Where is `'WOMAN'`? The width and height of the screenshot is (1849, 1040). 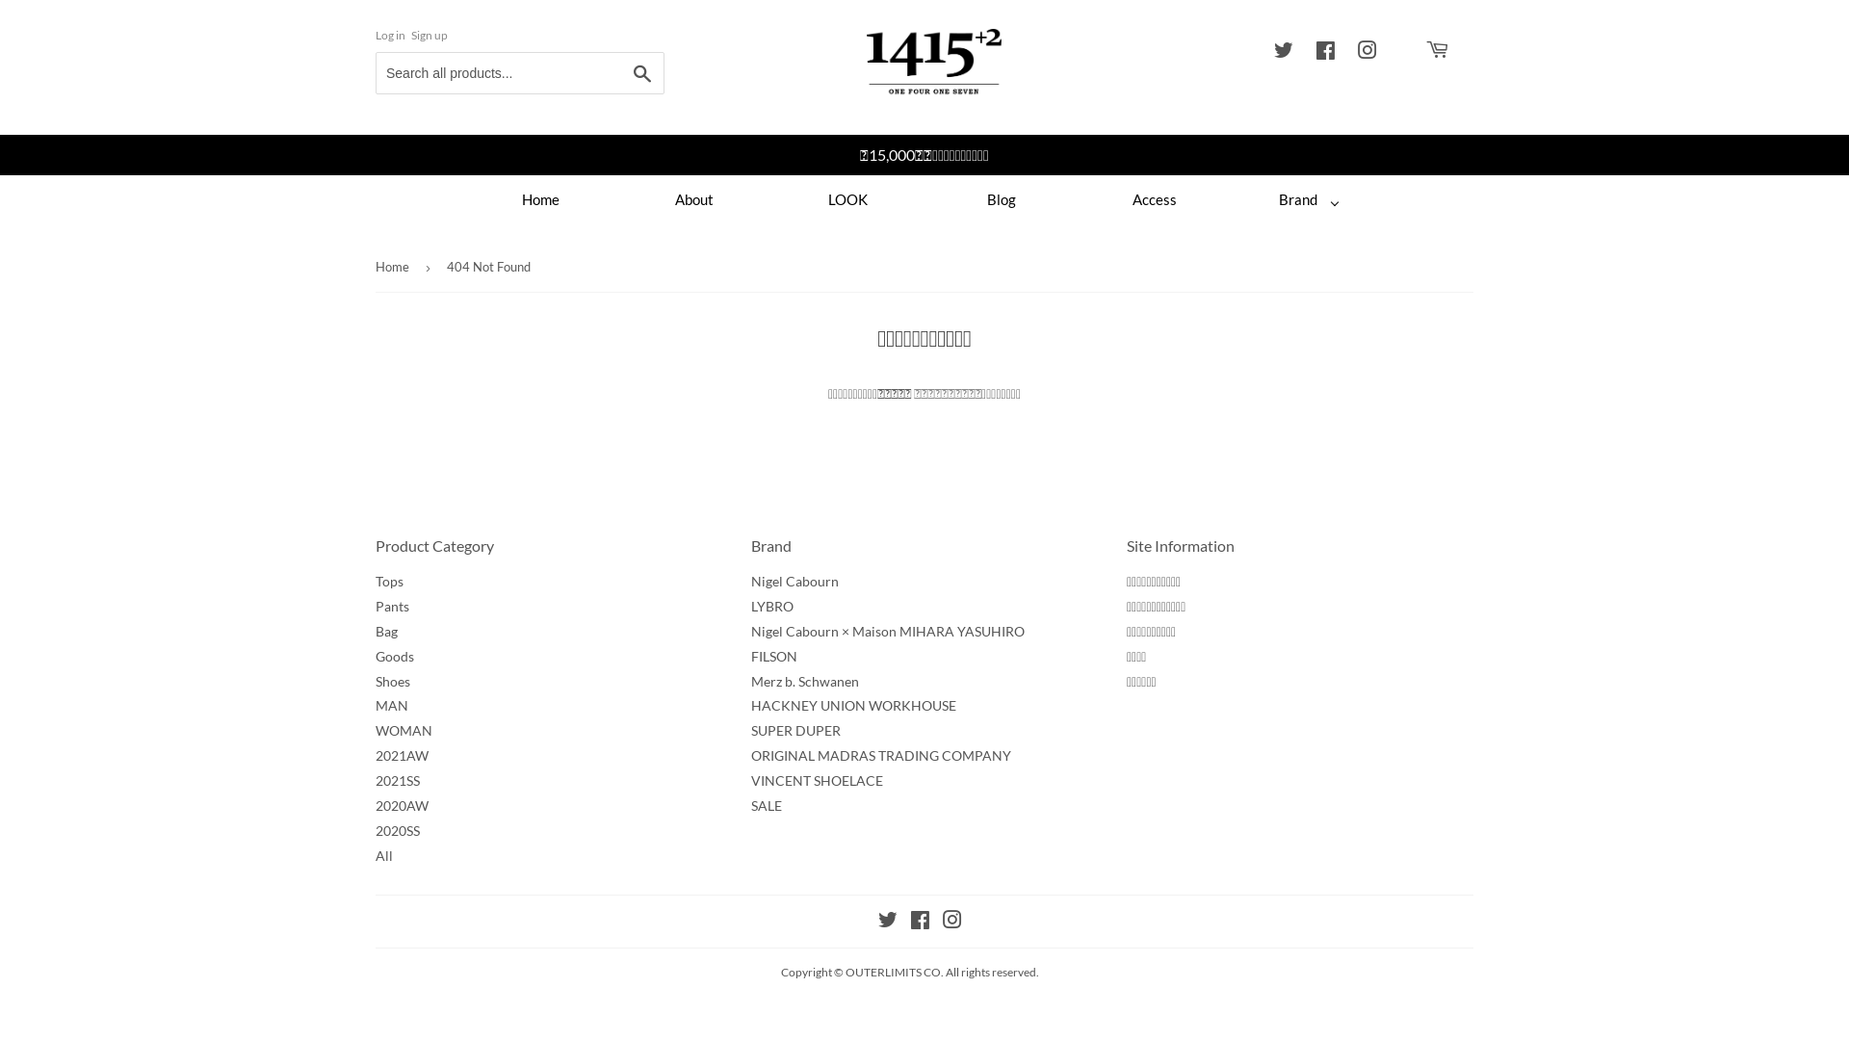
'WOMAN' is located at coordinates (375, 730).